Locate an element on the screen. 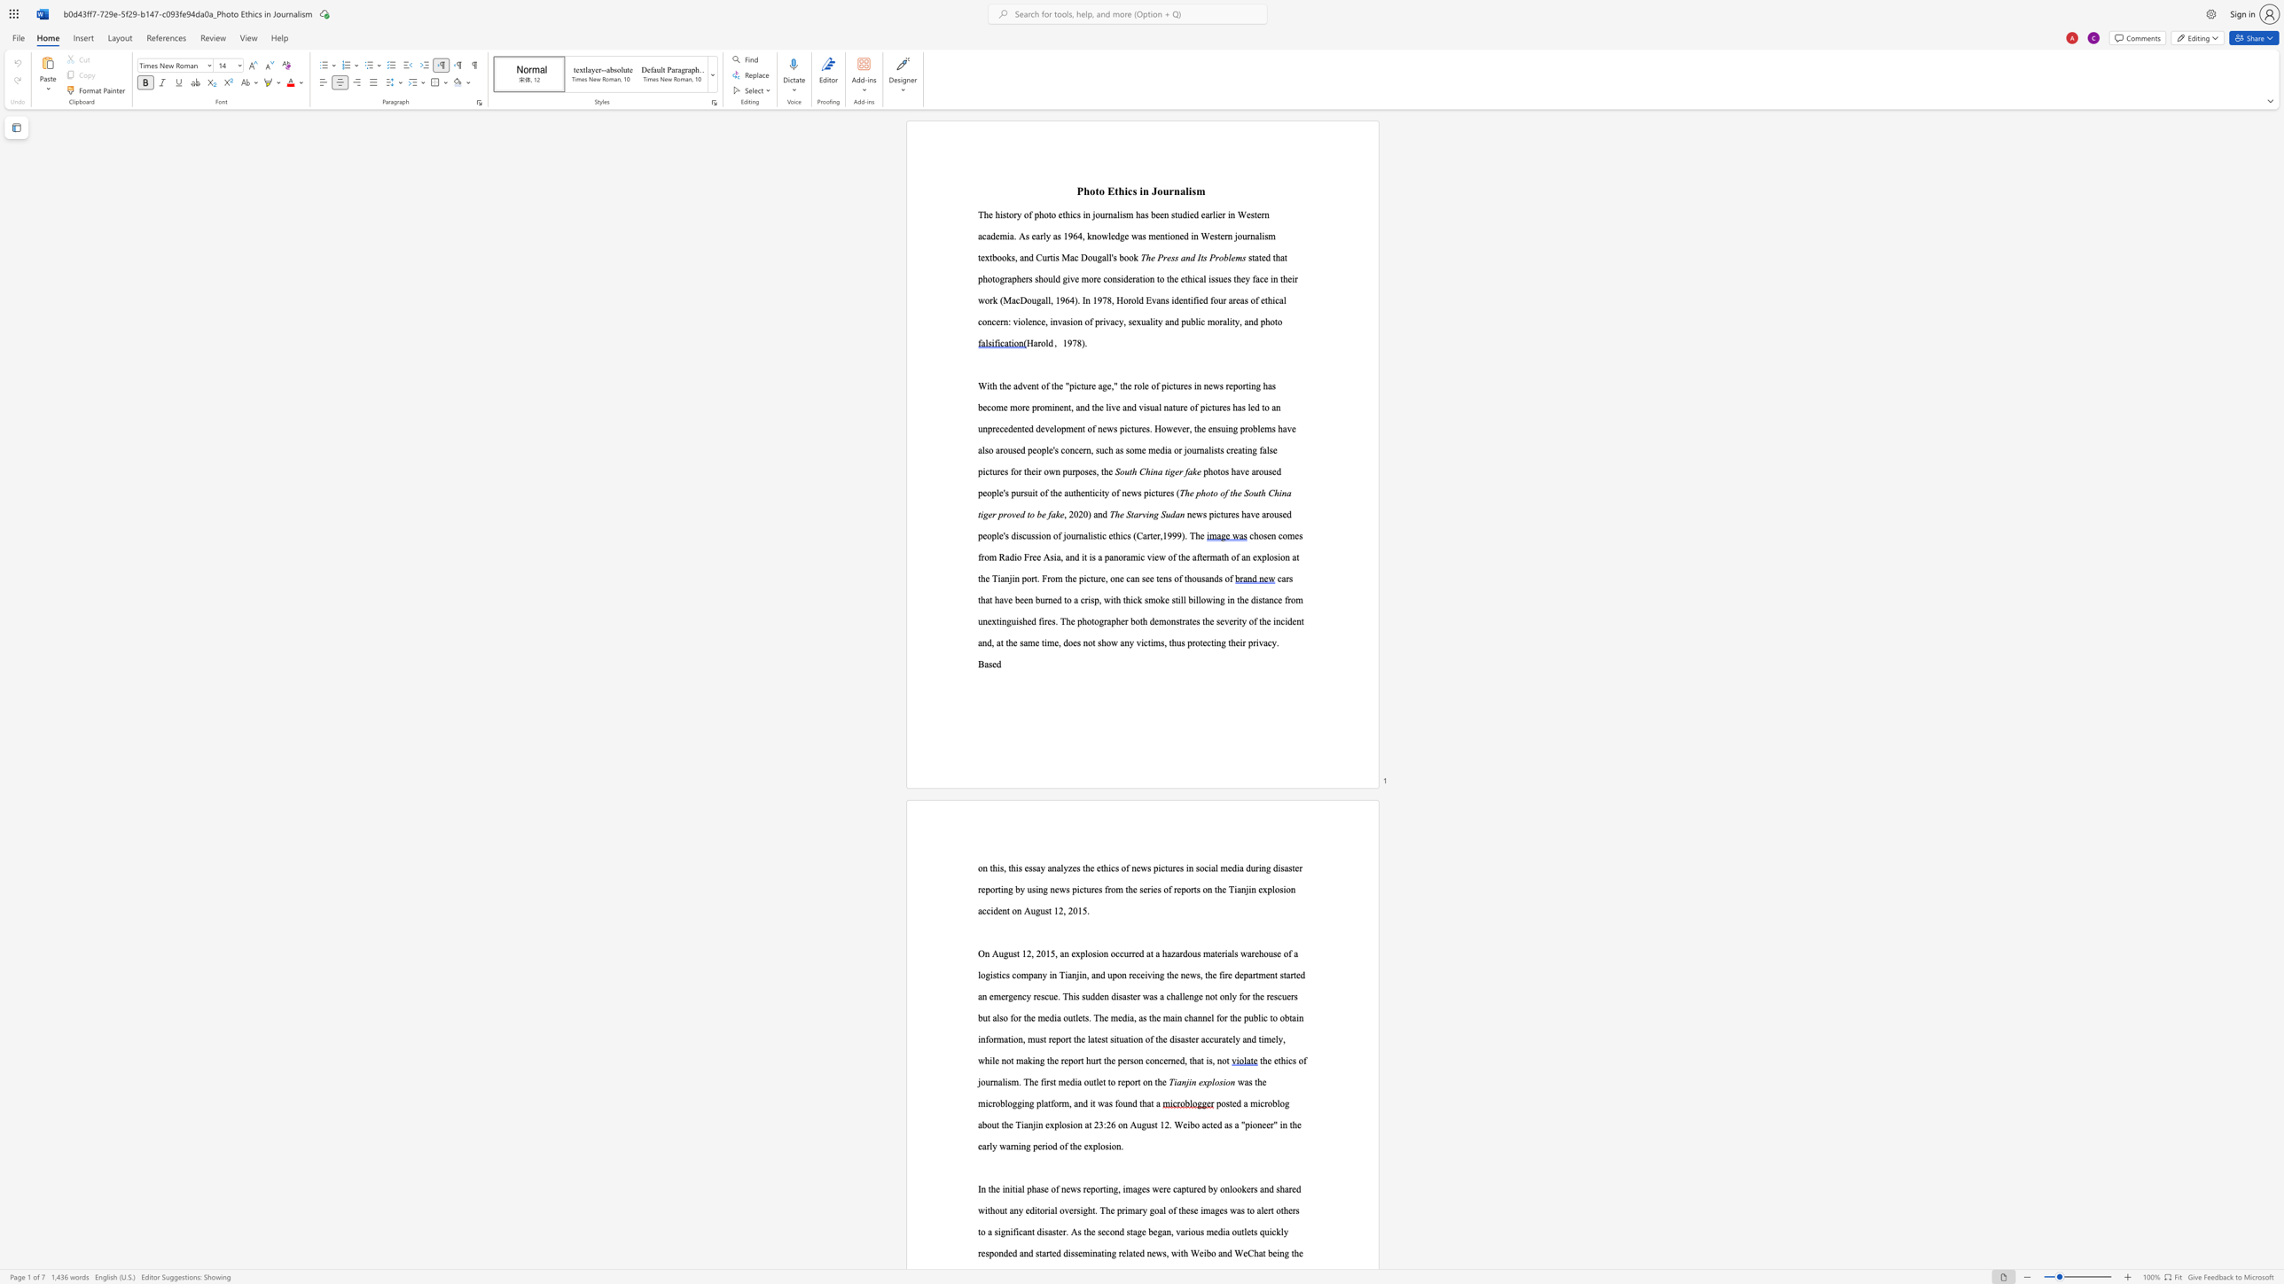  the subset text "tures ha" within the text "news pictures have aroused people" is located at coordinates (1220, 514).